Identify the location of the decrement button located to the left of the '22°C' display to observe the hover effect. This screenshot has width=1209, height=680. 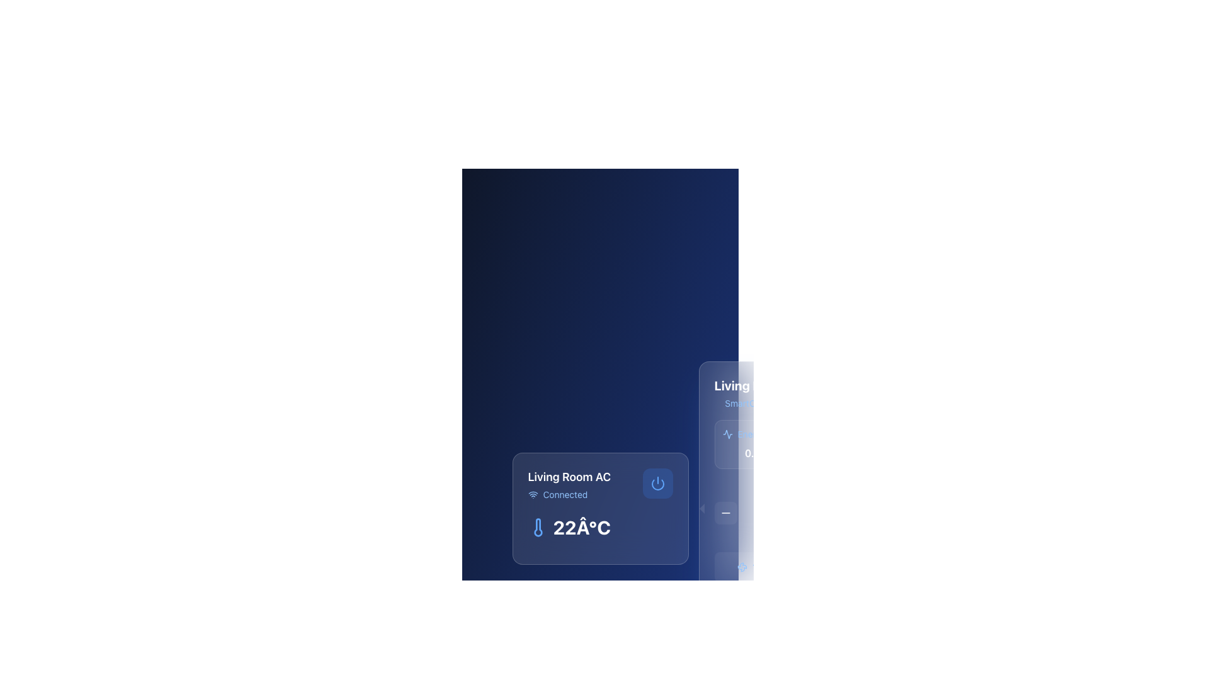
(725, 513).